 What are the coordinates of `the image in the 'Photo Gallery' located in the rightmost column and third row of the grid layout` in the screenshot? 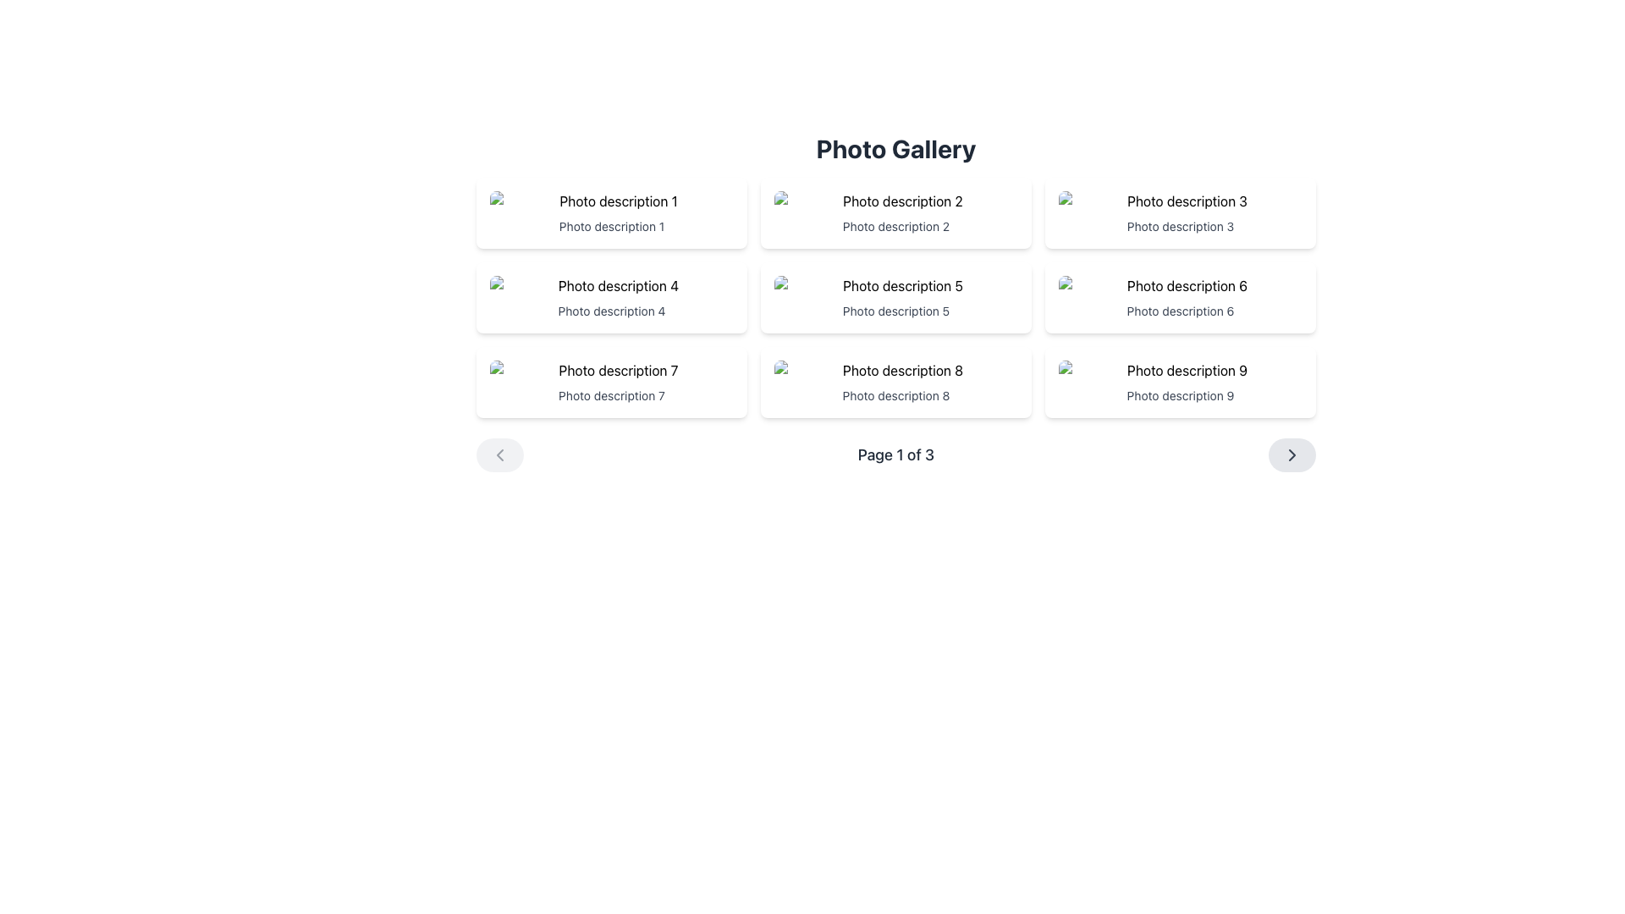 It's located at (1180, 370).